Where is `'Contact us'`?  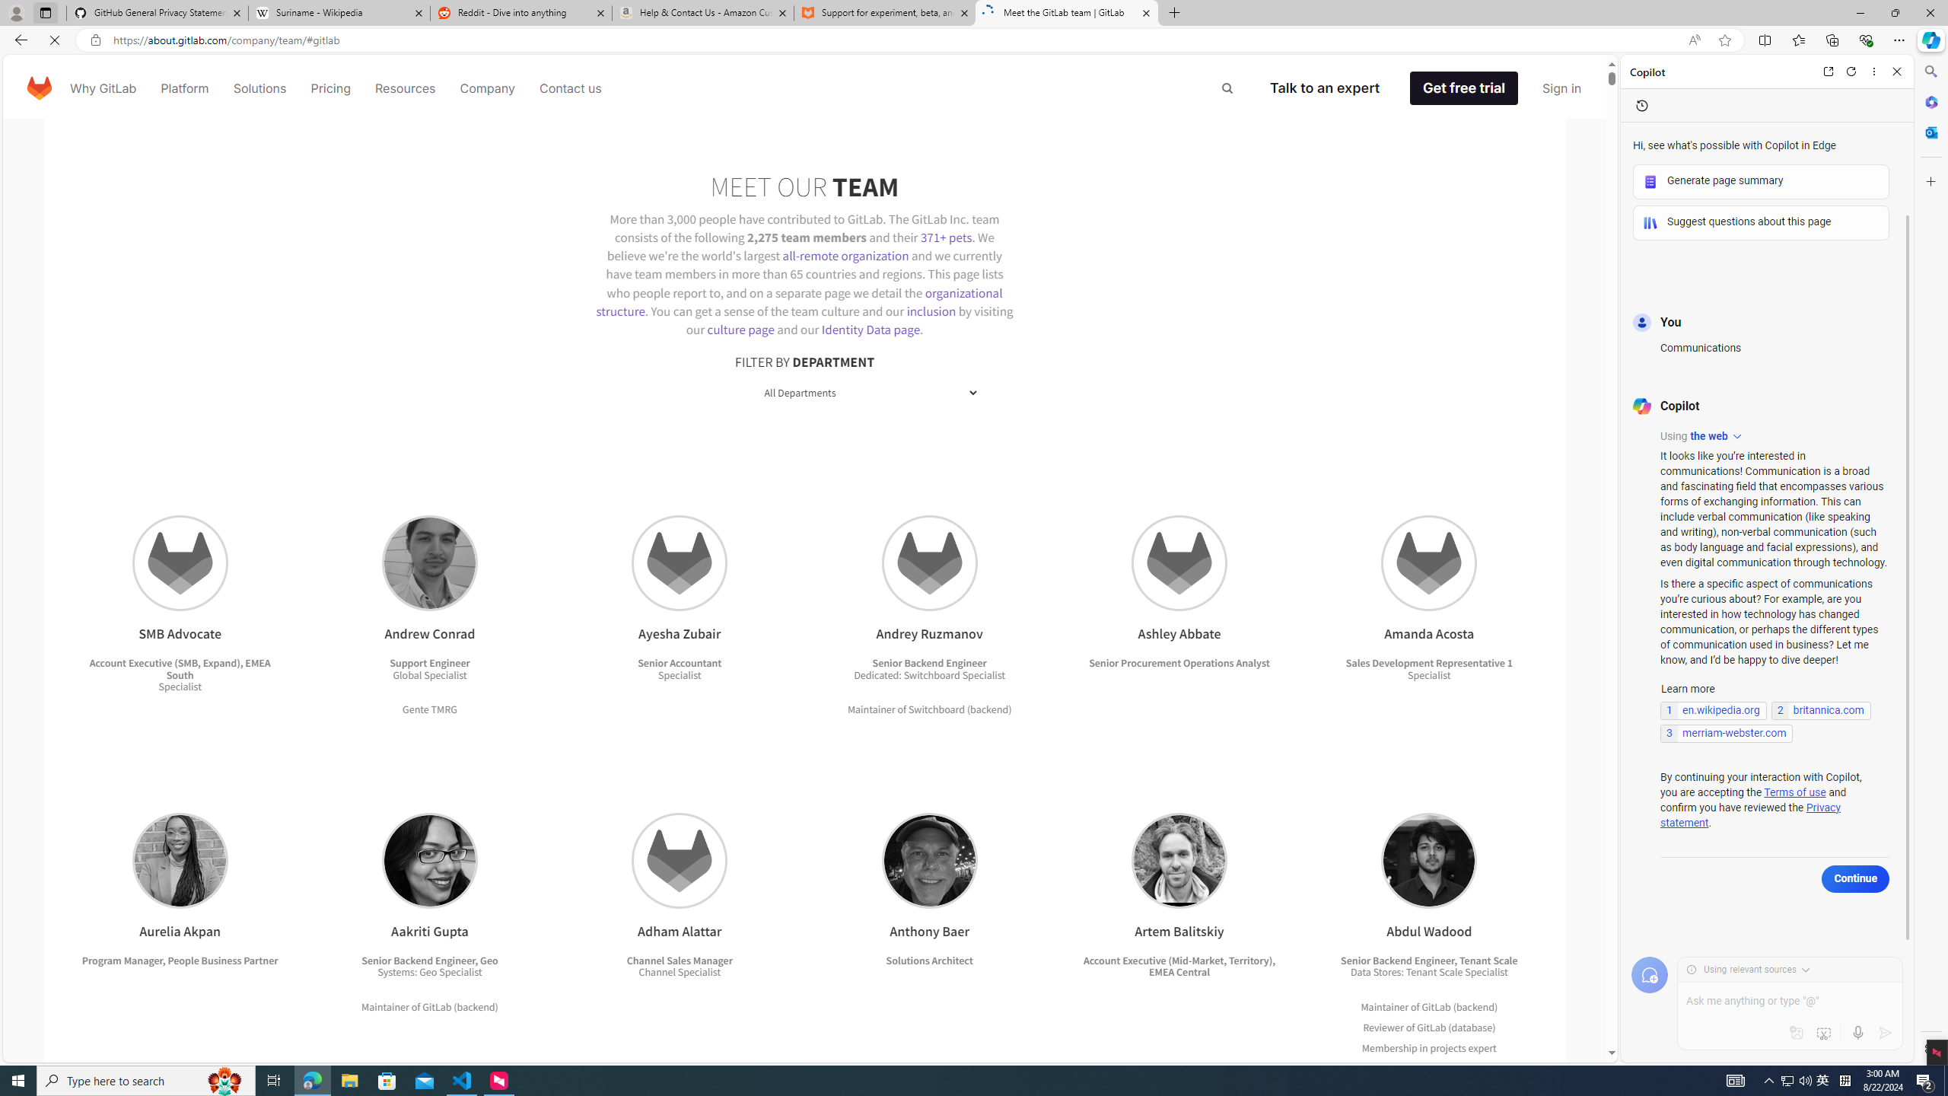
'Contact us' is located at coordinates (571, 87).